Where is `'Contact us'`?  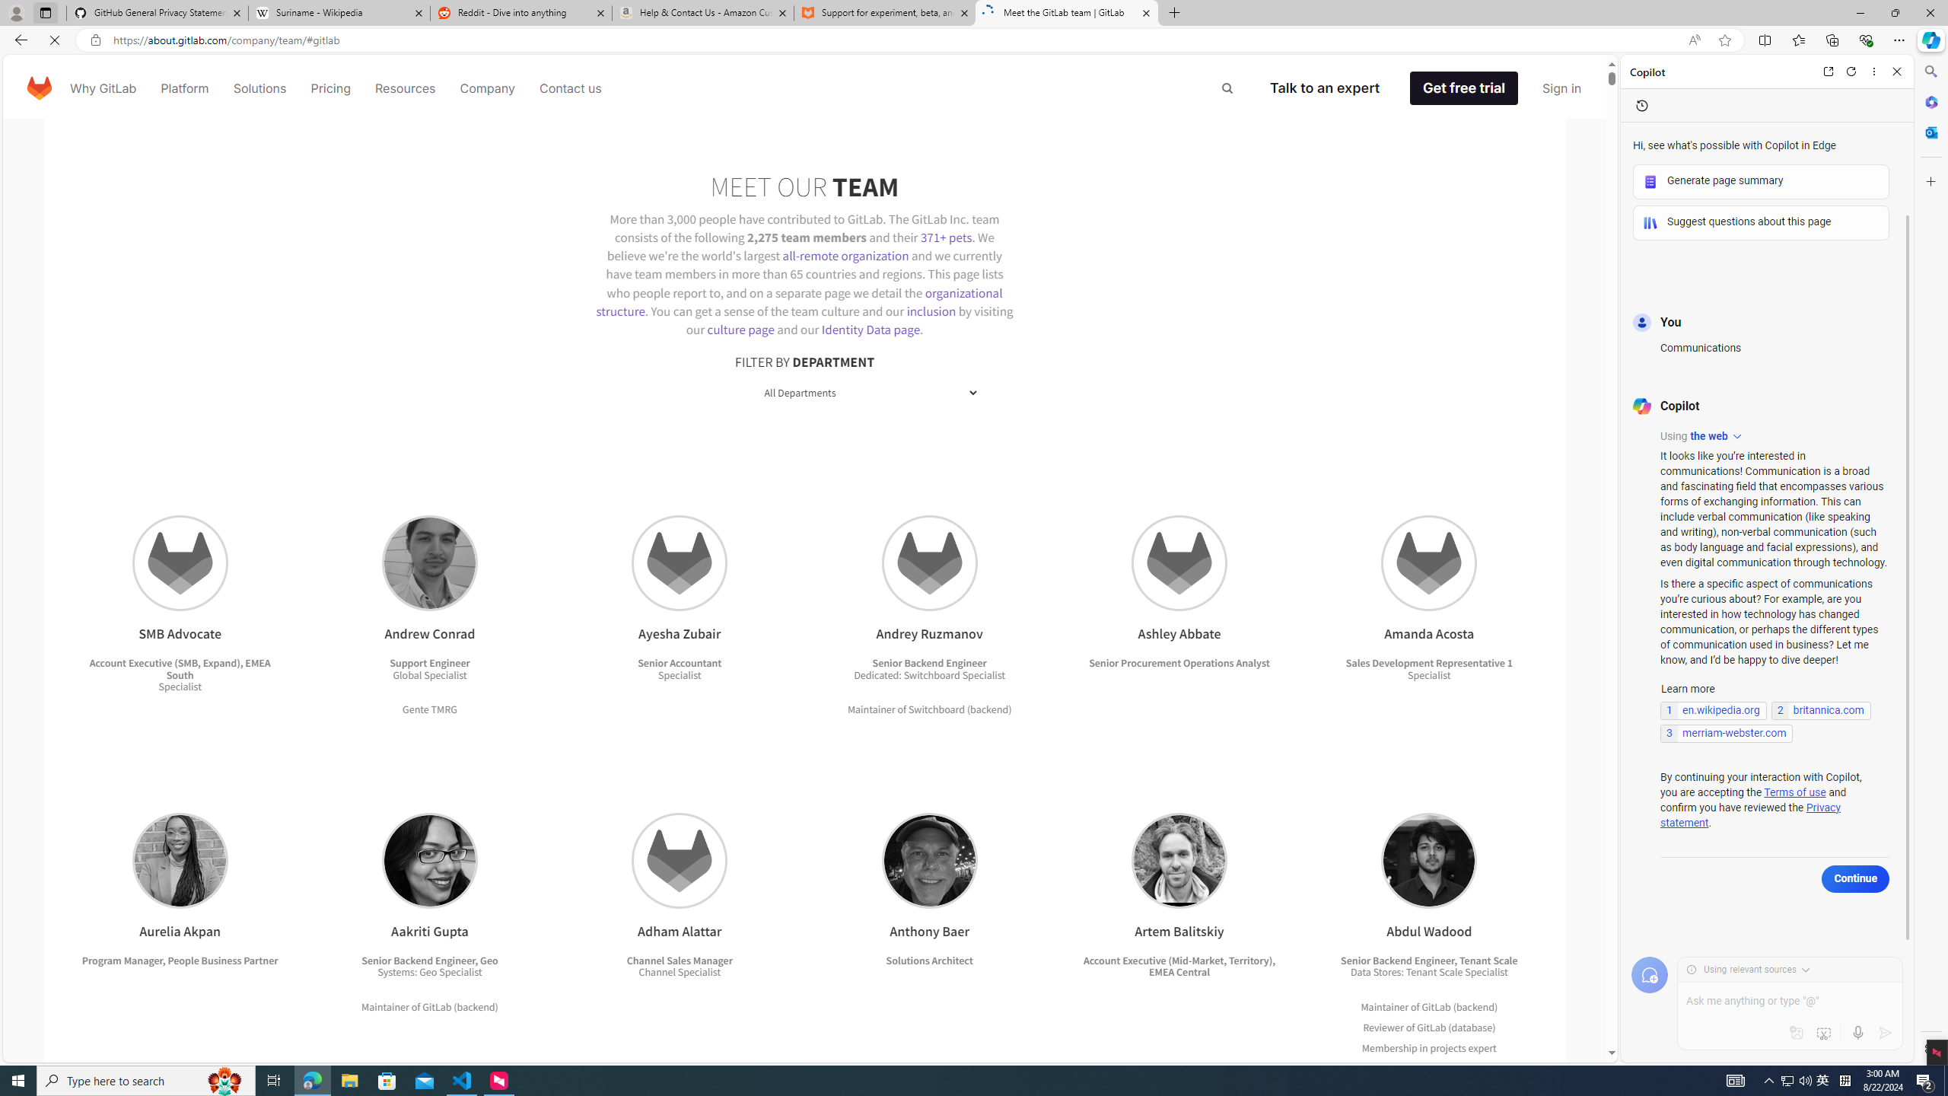
'Contact us' is located at coordinates (571, 87).